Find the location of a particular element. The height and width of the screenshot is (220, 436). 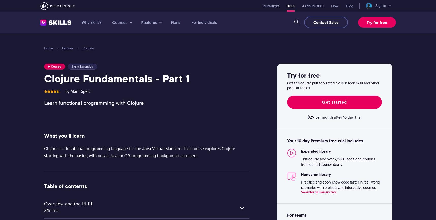

'Skills' is located at coordinates (290, 6).